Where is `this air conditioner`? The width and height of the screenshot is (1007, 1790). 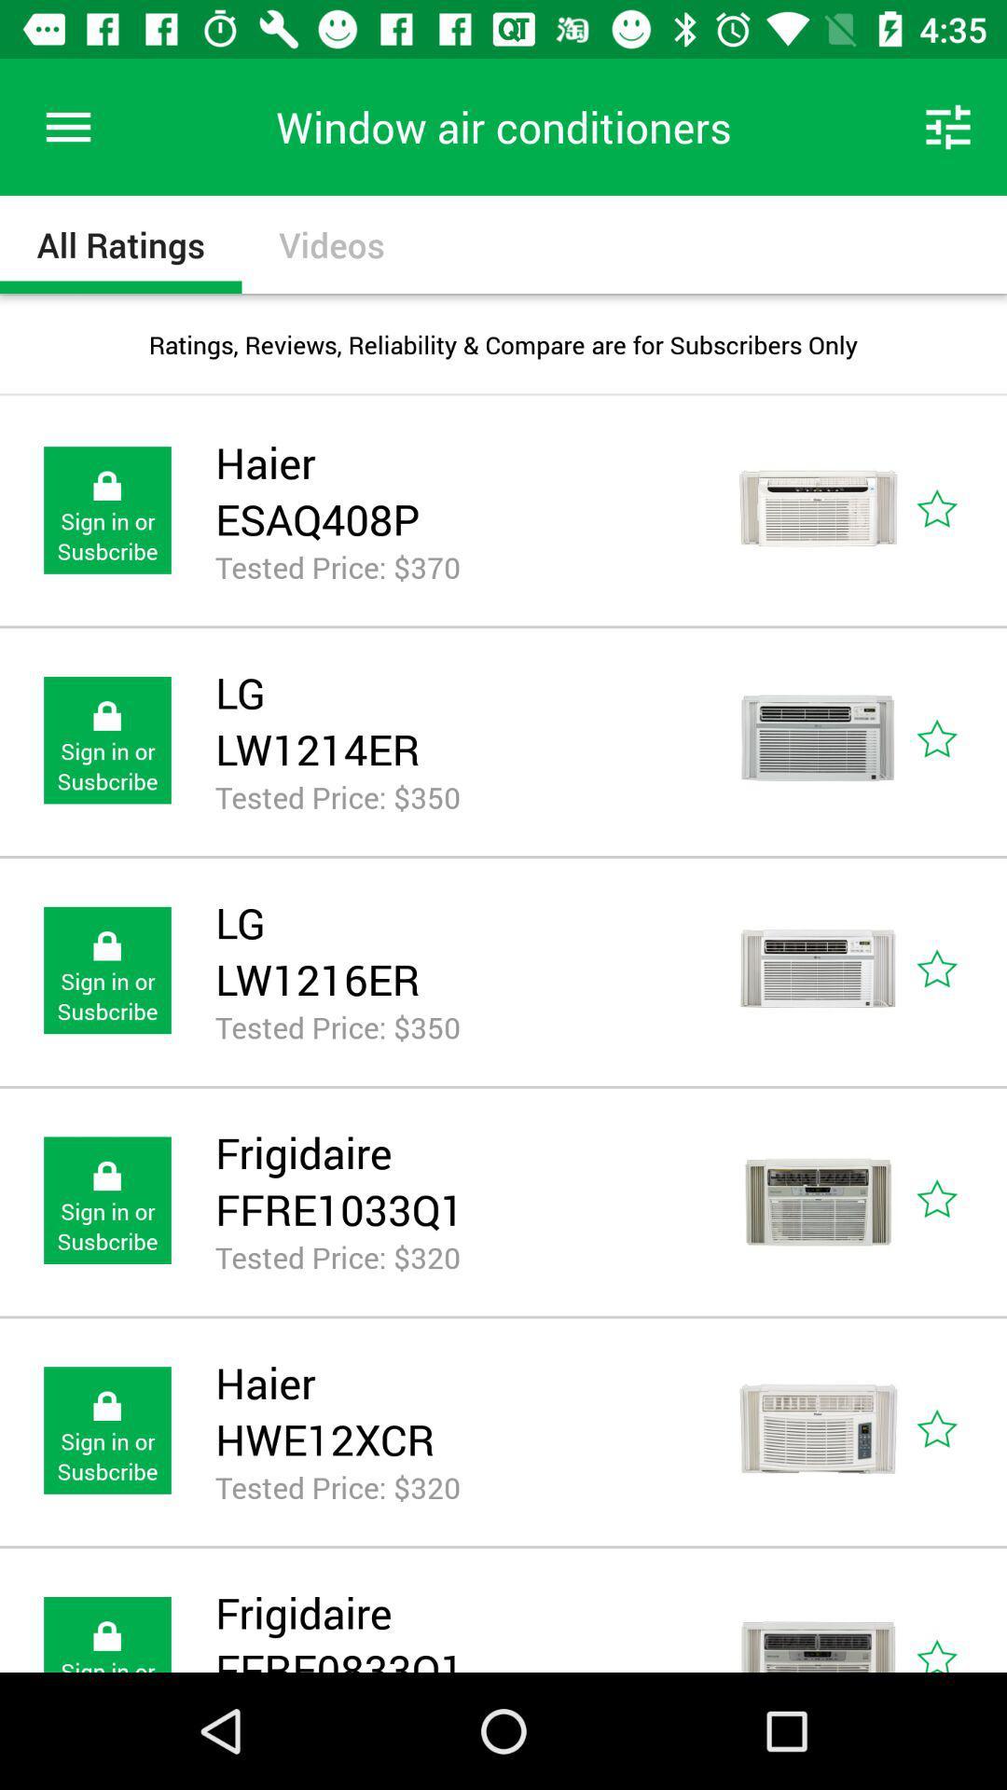 this air conditioner is located at coordinates (958, 970).